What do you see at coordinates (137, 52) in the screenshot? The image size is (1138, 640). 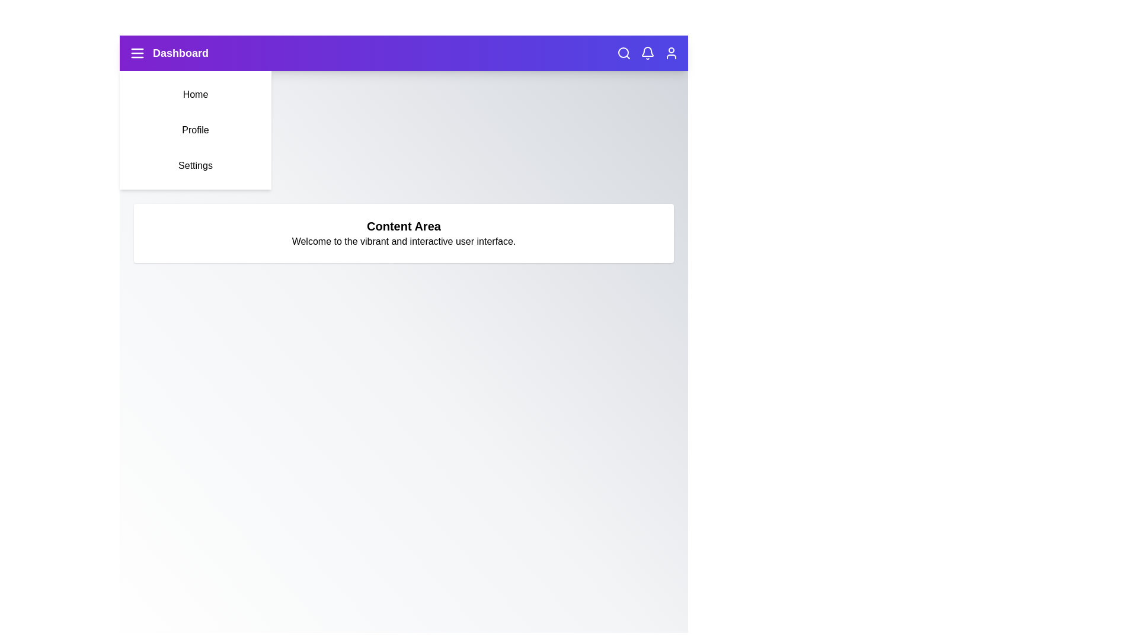 I see `the menu icon to toggle the menu visibility` at bounding box center [137, 52].